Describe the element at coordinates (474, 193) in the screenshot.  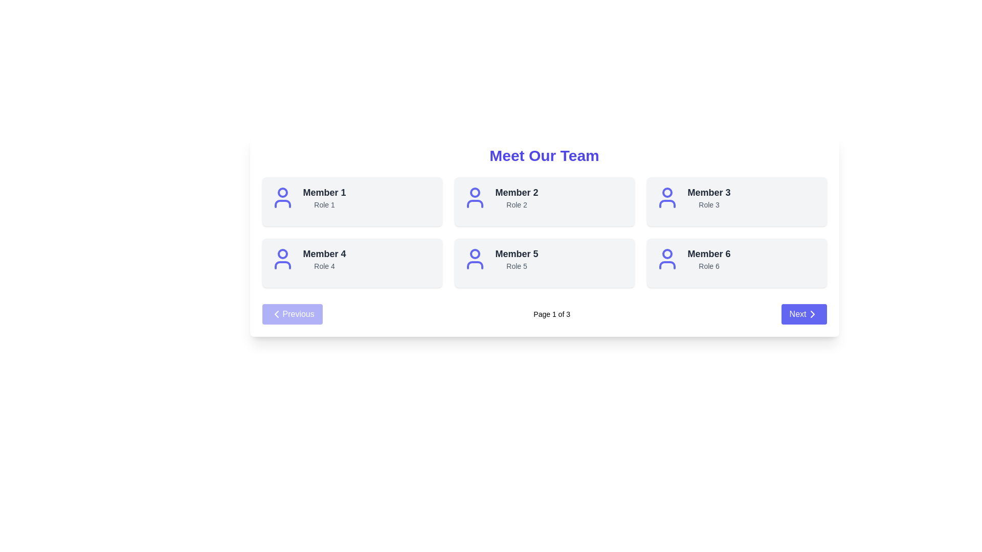
I see `the circular icon component centered within the user silhouette in the 'Member 2' card located in the second column of the first row` at that location.